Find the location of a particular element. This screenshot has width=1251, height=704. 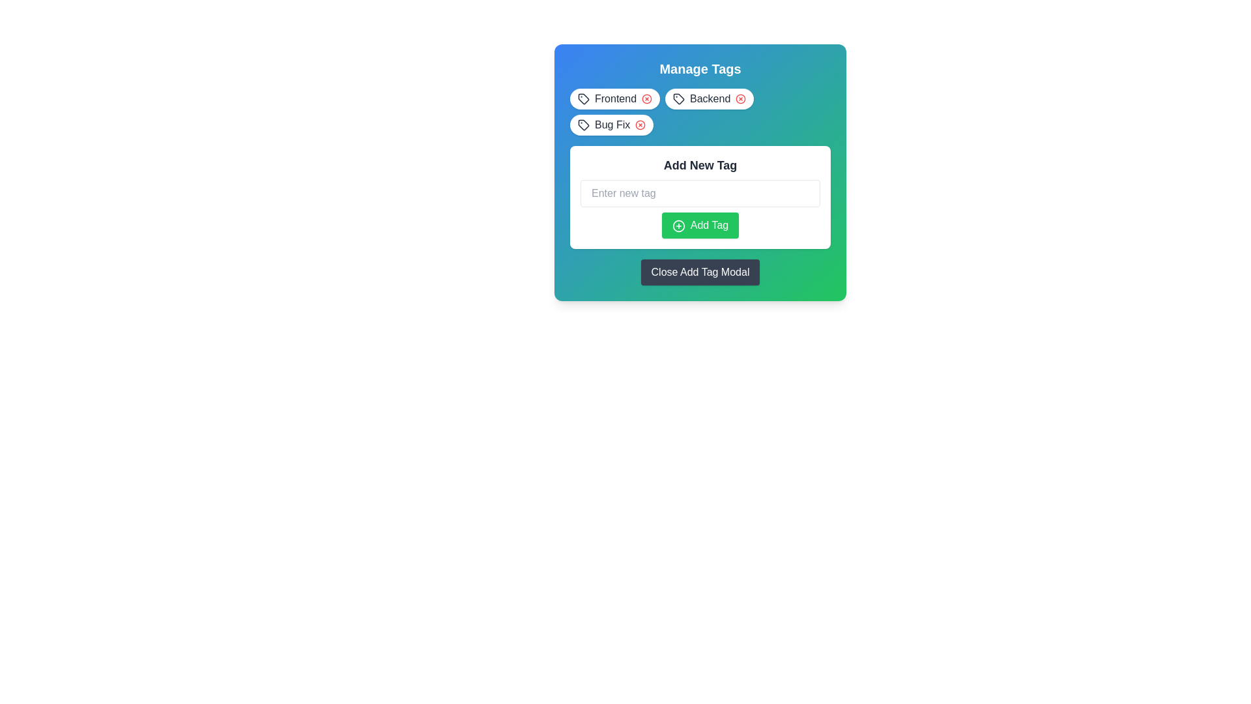

the remove icon button located inside the 'Bug Fix' rounded label is located at coordinates (640, 125).